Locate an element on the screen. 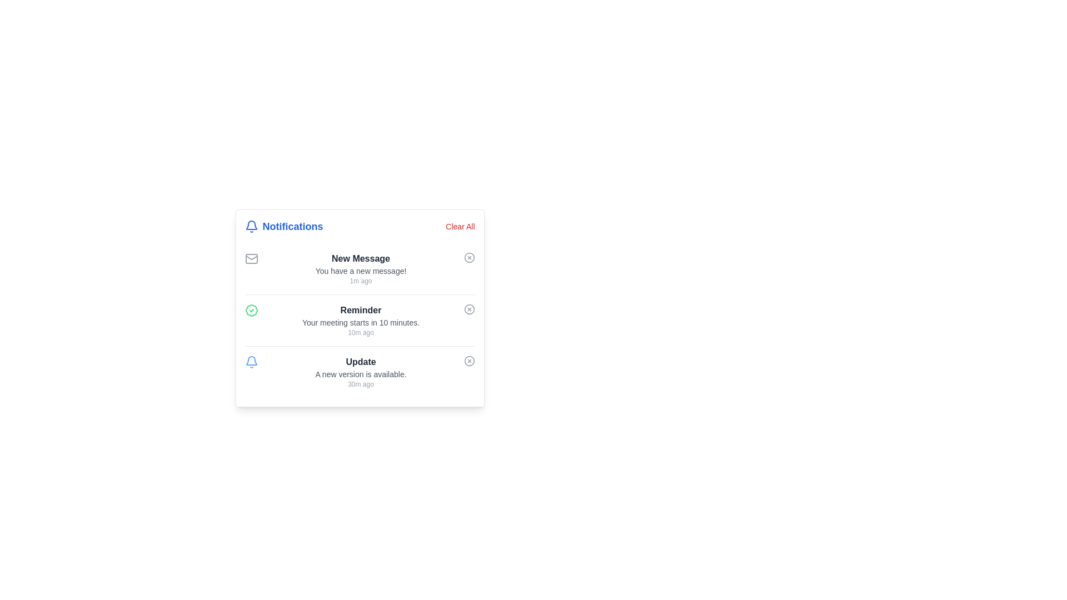 The image size is (1067, 600). the static text element that displays the elapsed time in the 'Reminder' notification card, which is located below the main message 'Your meeting starts in 10 minutes.' is located at coordinates (361, 332).